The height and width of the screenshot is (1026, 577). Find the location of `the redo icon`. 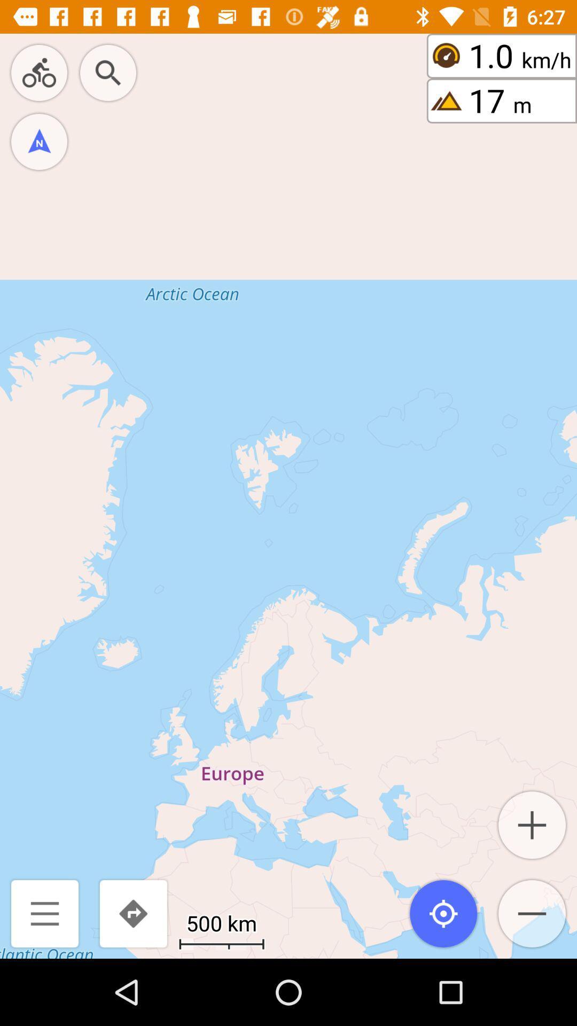

the redo icon is located at coordinates (132, 913).